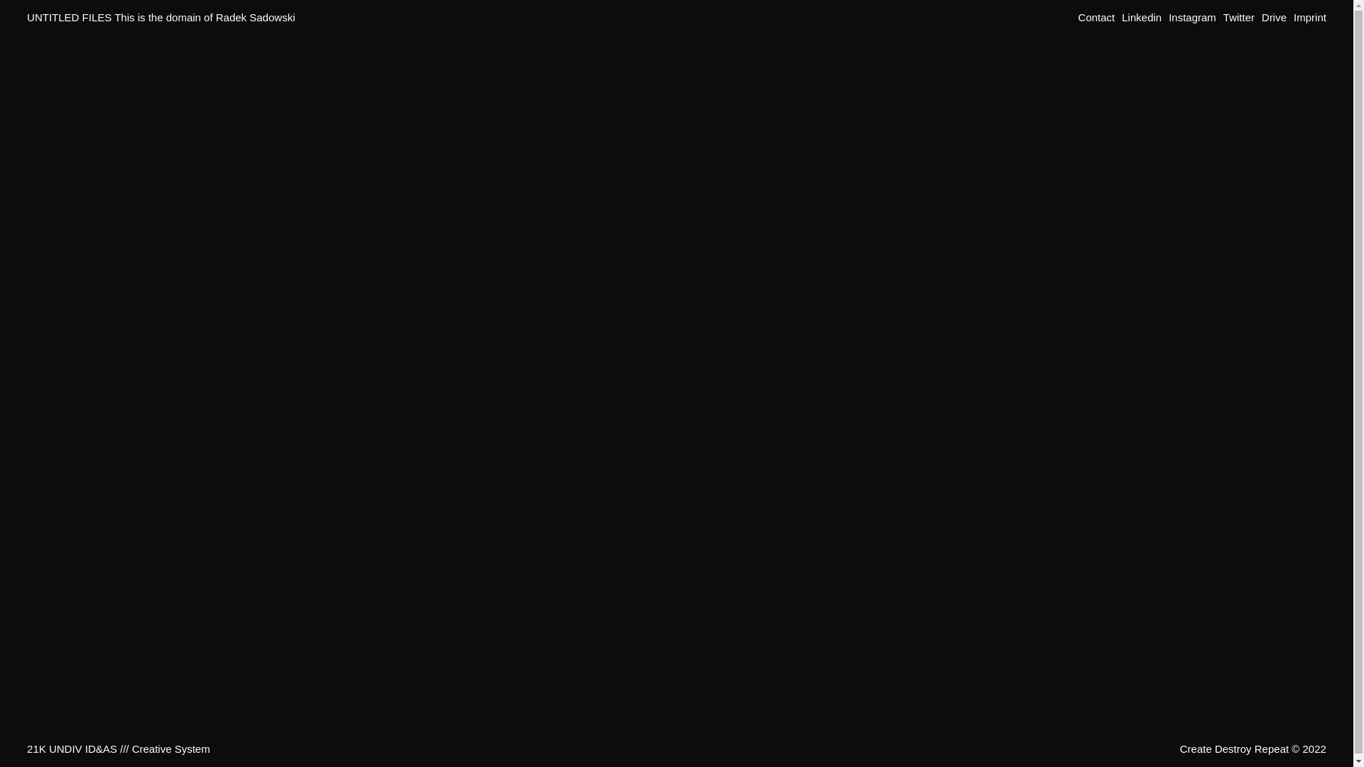  Describe the element at coordinates (161, 17) in the screenshot. I see `'UNTITLED FILES This is the domain of Radek Sadowski'` at that location.